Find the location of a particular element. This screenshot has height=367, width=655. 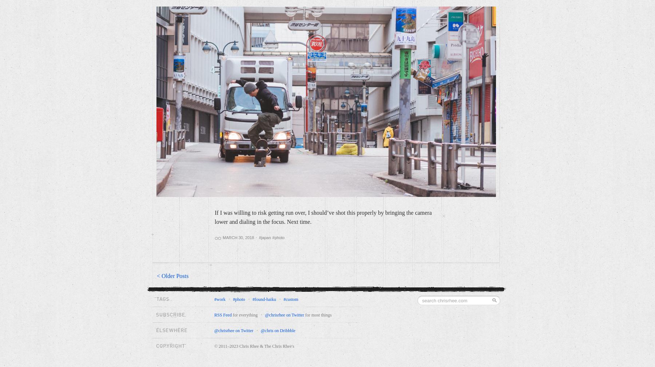

'© 2011–2023 Chris Rhee & The Chris Rhee's' is located at coordinates (214, 346).